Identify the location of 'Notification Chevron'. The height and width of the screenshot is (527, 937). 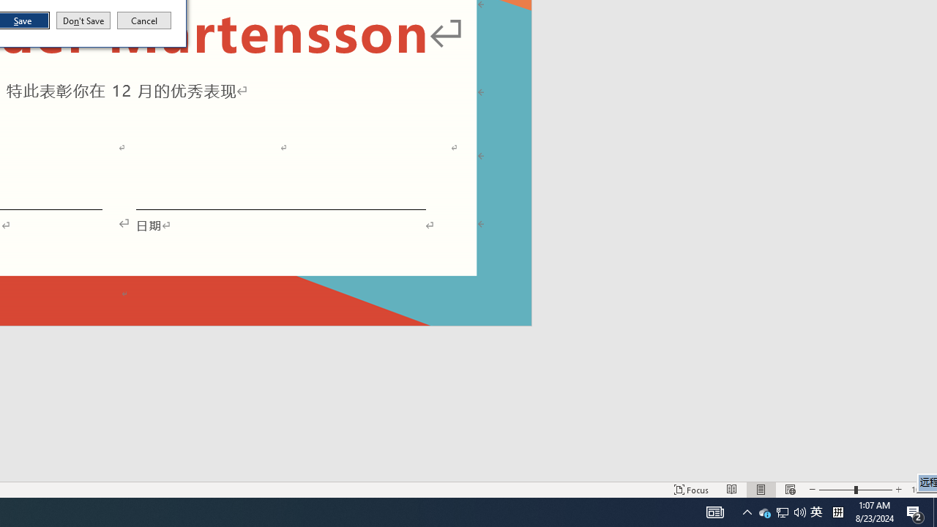
(747, 511).